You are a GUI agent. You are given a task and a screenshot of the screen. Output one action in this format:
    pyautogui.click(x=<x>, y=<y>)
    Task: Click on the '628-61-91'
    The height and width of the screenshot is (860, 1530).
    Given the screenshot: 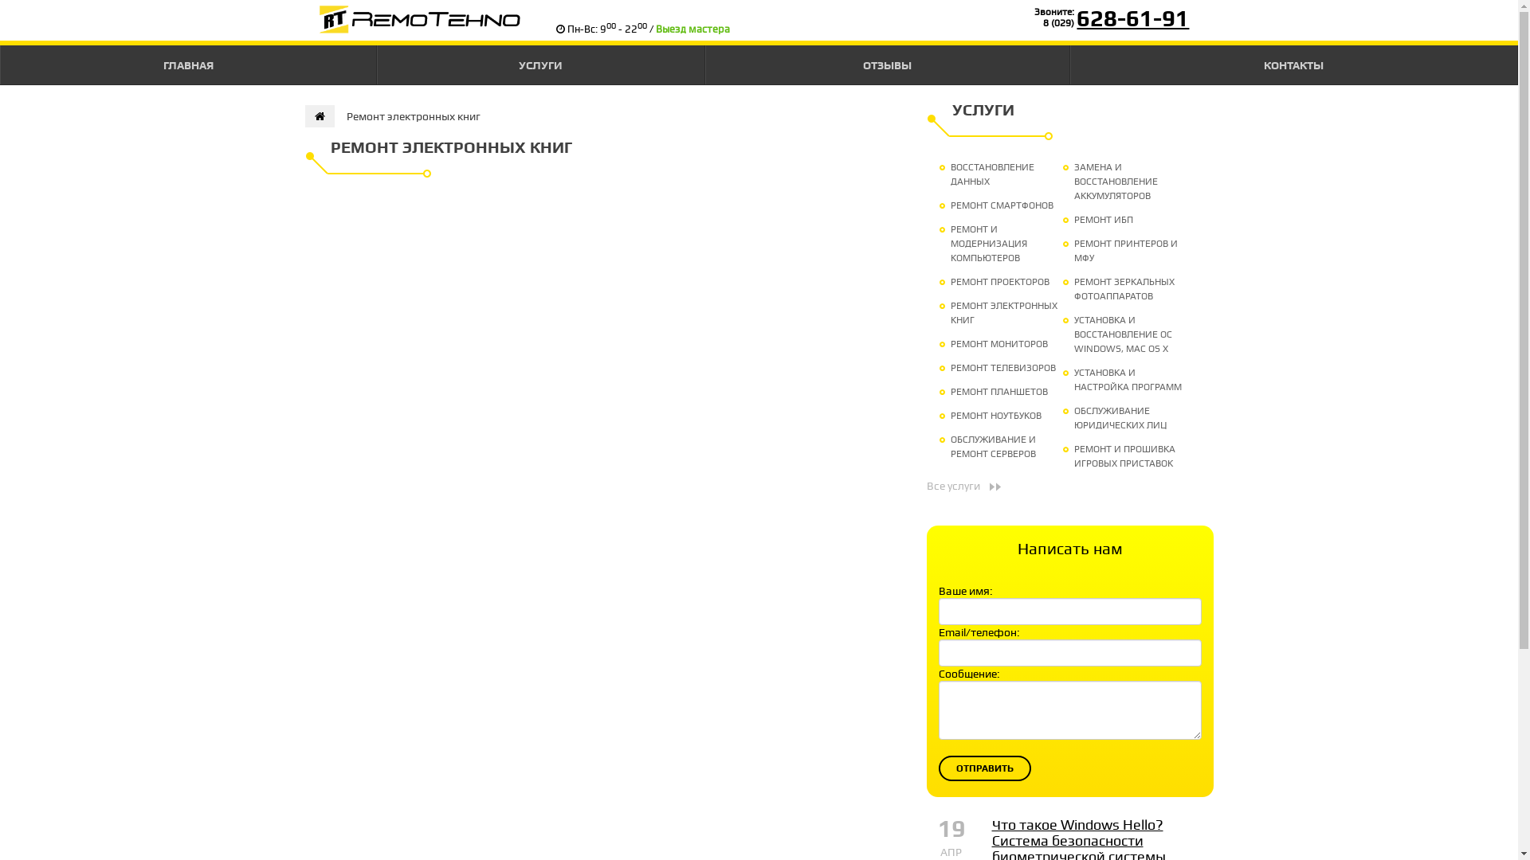 What is the action you would take?
    pyautogui.click(x=1132, y=18)
    